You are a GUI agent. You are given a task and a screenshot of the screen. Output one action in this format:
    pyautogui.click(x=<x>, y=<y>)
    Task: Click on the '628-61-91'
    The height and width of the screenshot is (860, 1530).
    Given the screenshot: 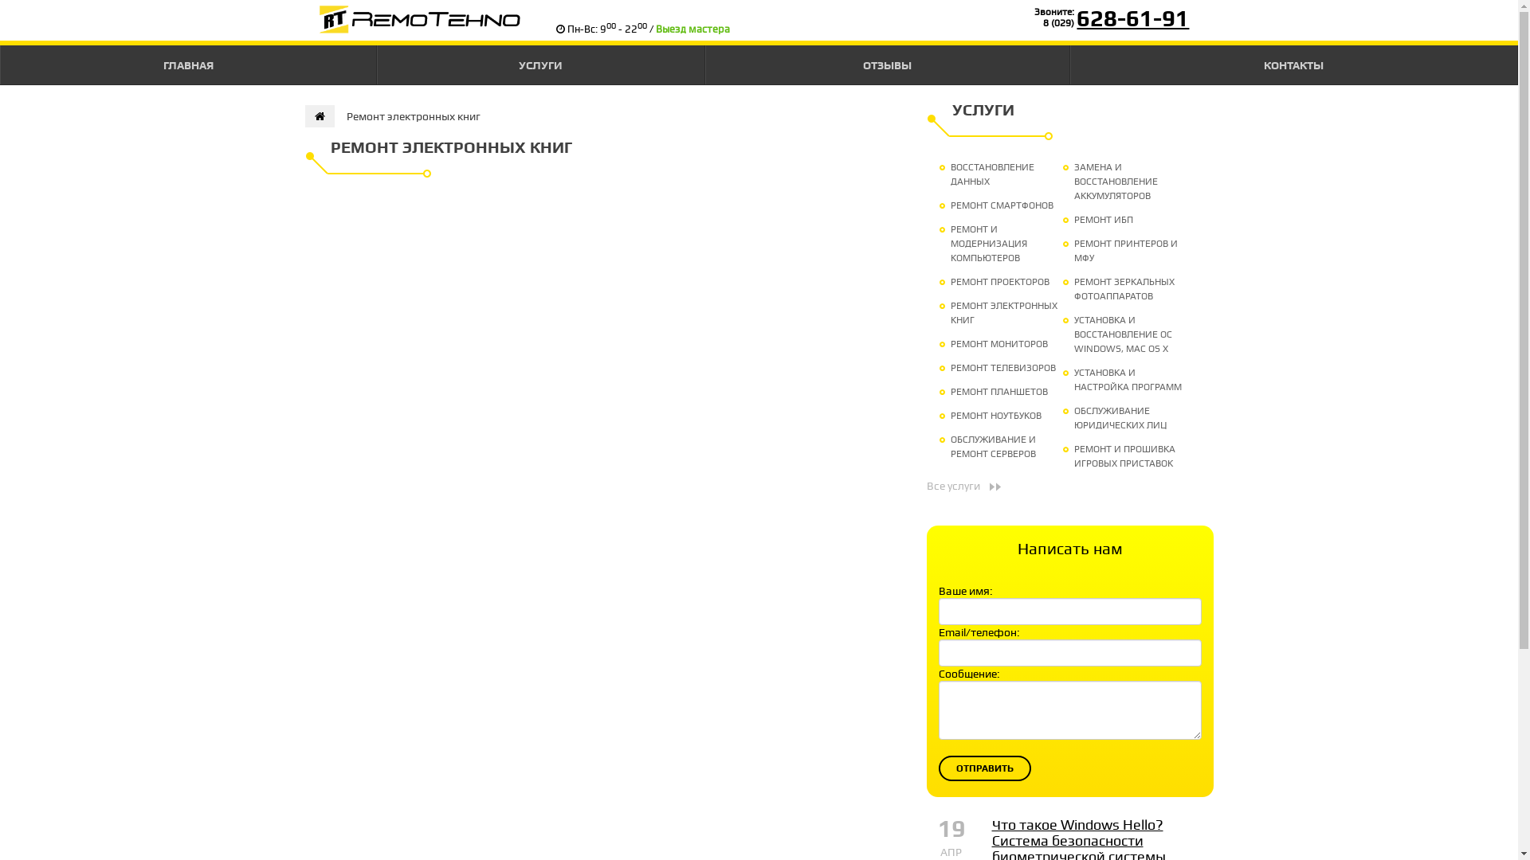 What is the action you would take?
    pyautogui.click(x=1132, y=18)
    